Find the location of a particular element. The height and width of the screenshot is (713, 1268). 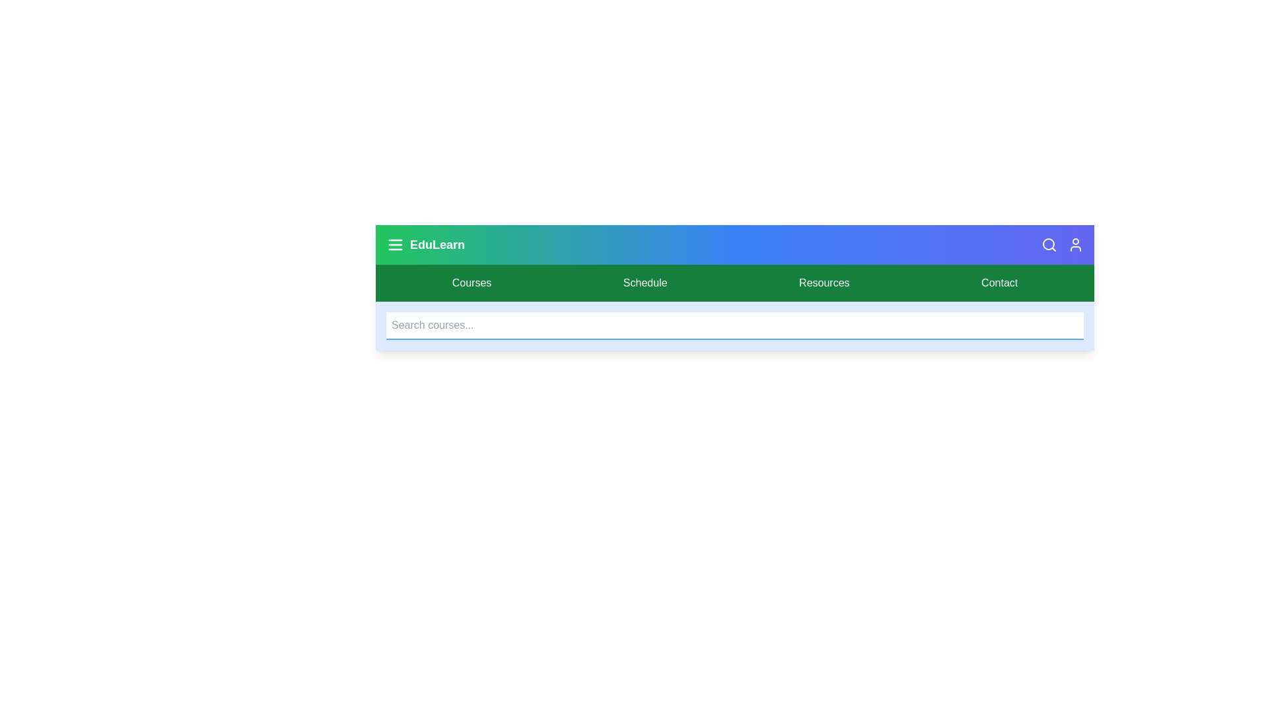

menu button to toggle the menu visibility is located at coordinates (395, 244).